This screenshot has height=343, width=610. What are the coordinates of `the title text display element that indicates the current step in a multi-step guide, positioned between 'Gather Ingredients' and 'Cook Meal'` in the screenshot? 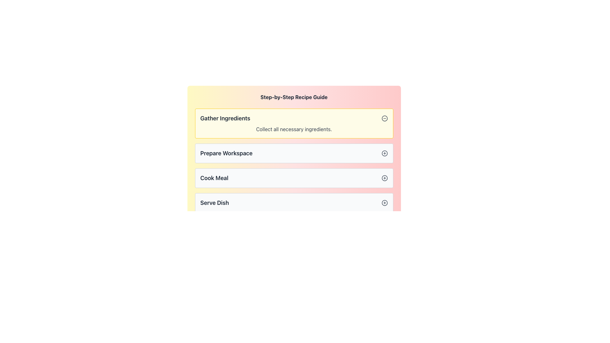 It's located at (226, 153).